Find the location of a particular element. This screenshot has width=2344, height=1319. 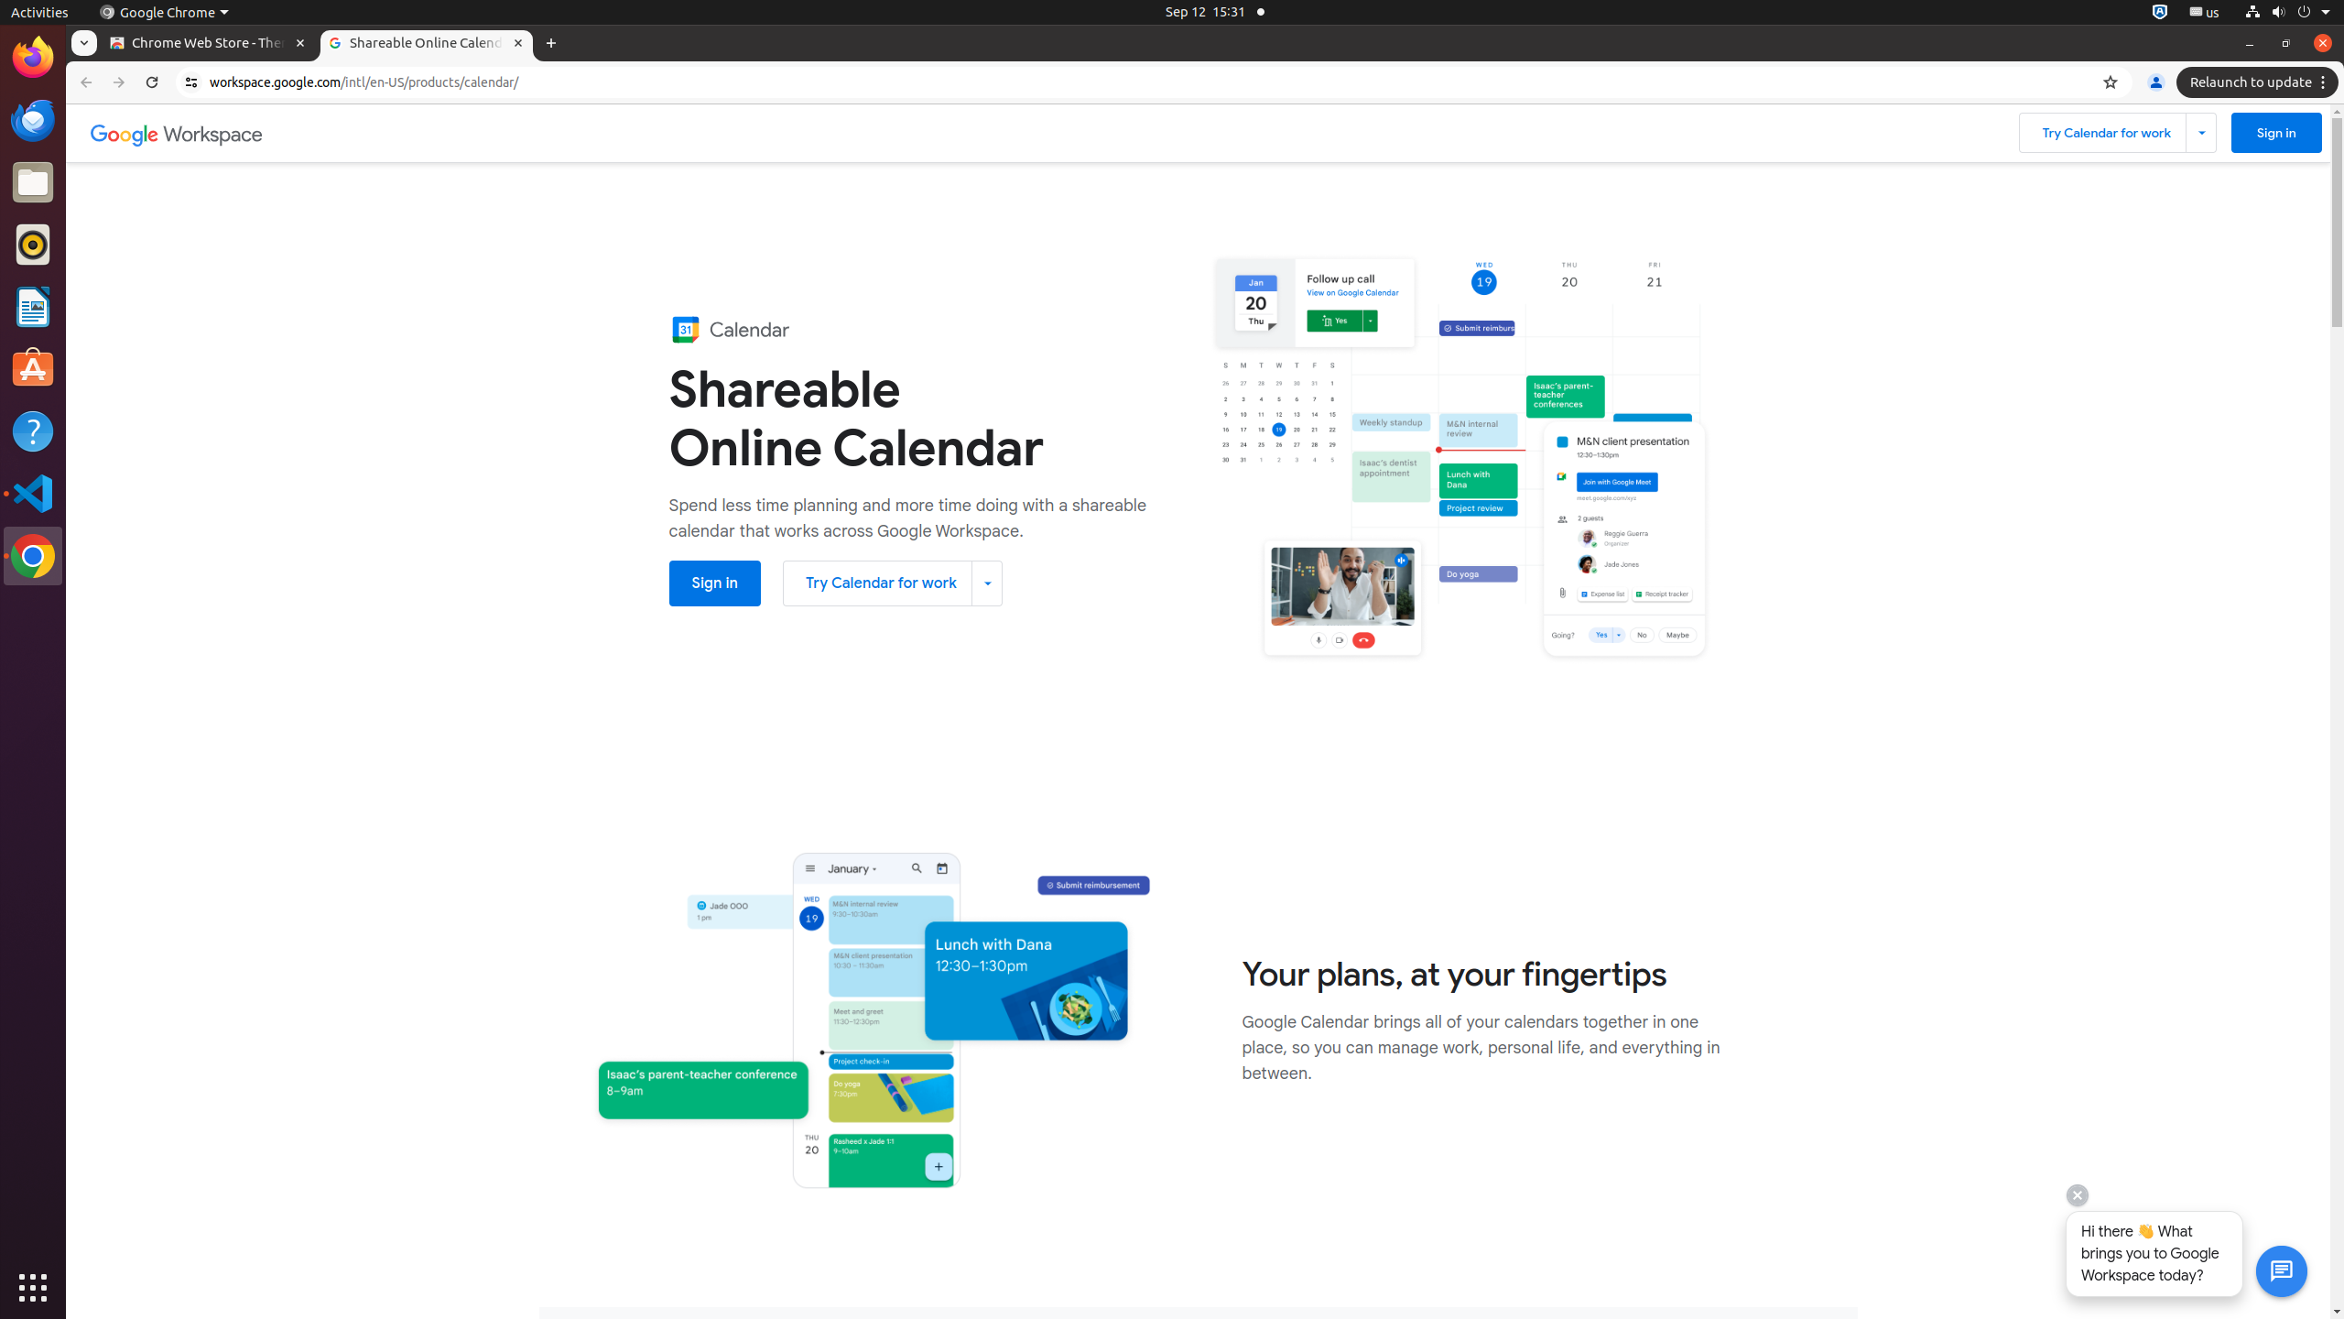

':1.21/StatusNotifierItem' is located at coordinates (2203, 11).